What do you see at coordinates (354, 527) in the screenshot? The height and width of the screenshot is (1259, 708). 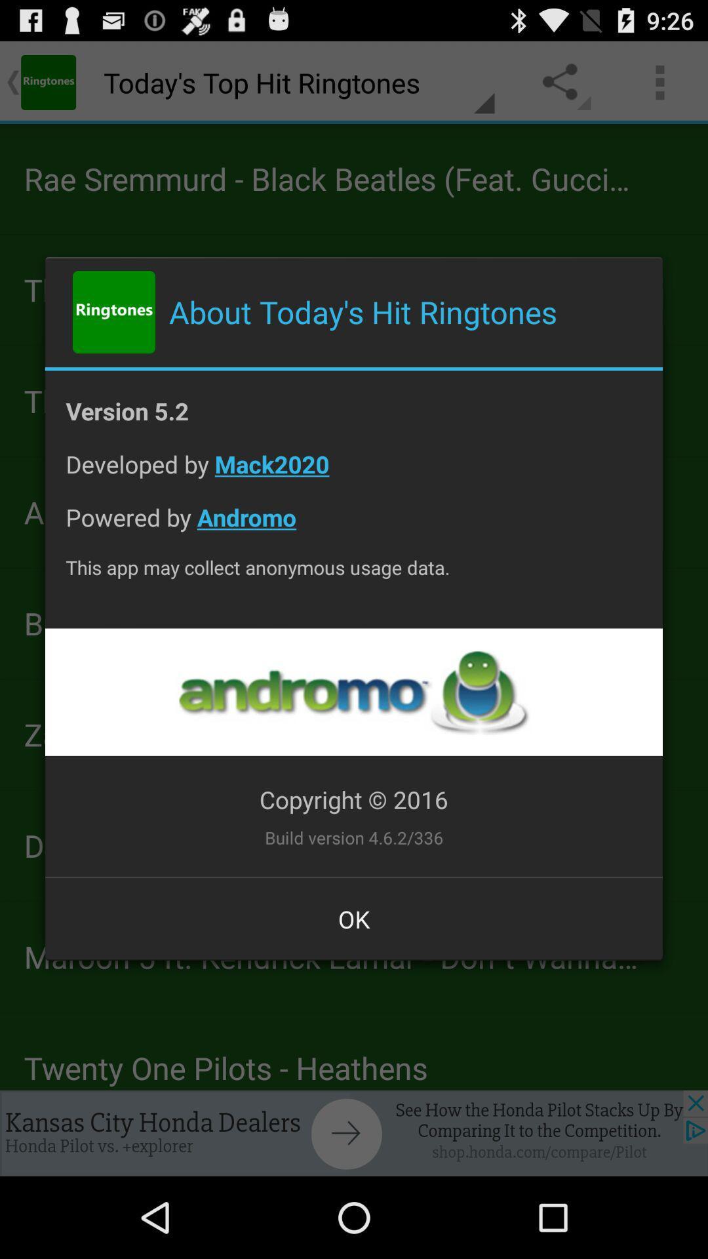 I see `icon below the developed by mack2020 item` at bounding box center [354, 527].